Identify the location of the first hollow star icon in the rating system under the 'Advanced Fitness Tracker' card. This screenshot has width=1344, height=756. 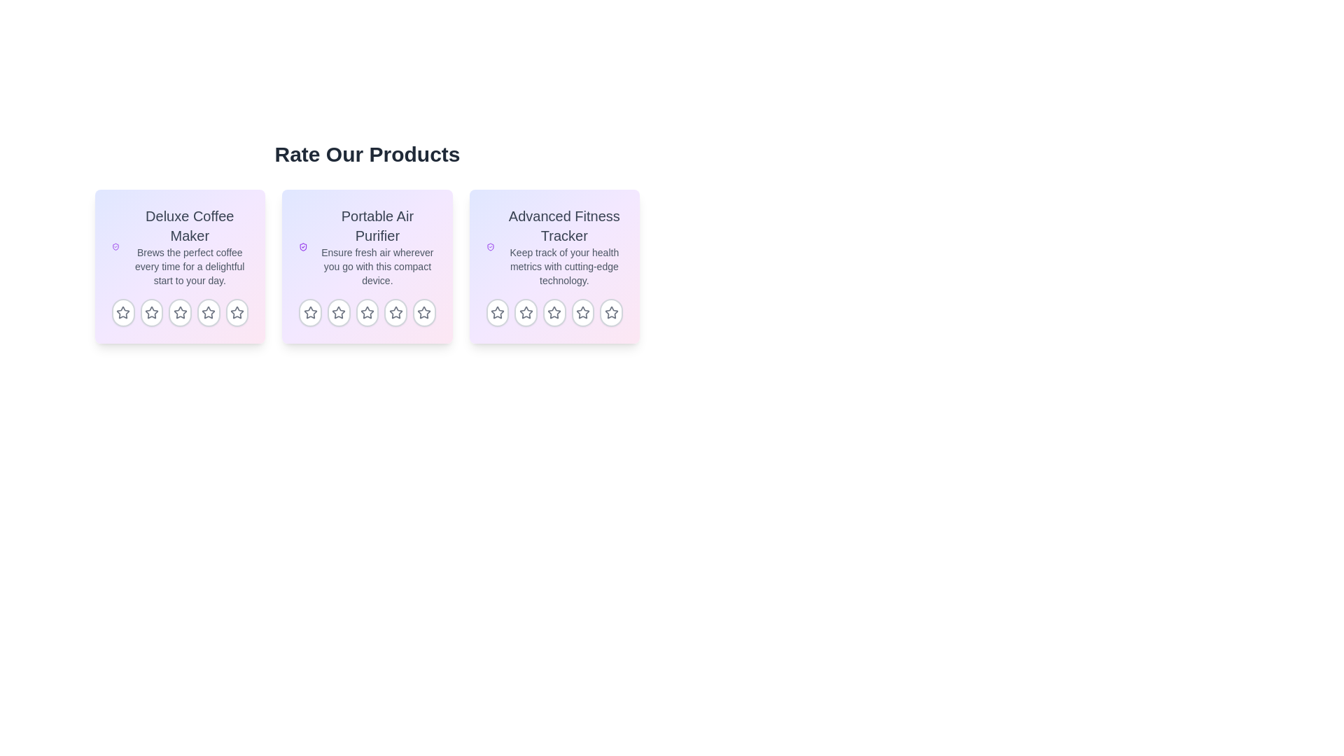
(497, 311).